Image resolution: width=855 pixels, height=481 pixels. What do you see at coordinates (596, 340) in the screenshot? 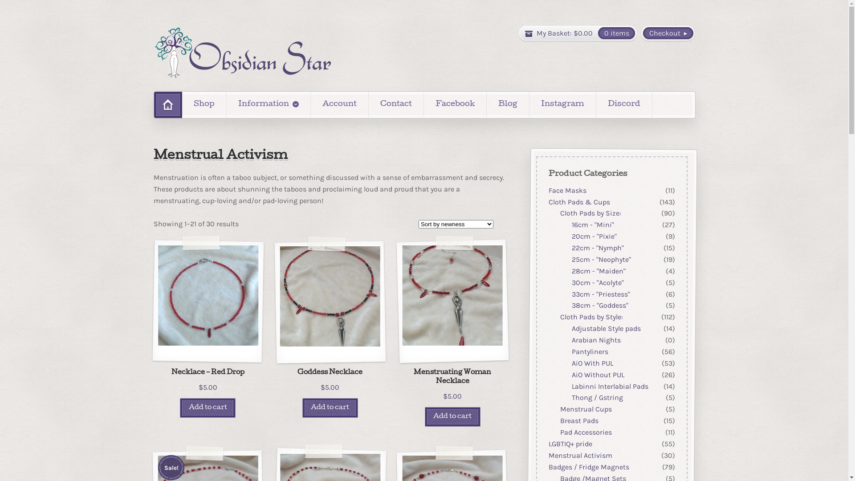
I see `'Arabian Nights'` at bounding box center [596, 340].